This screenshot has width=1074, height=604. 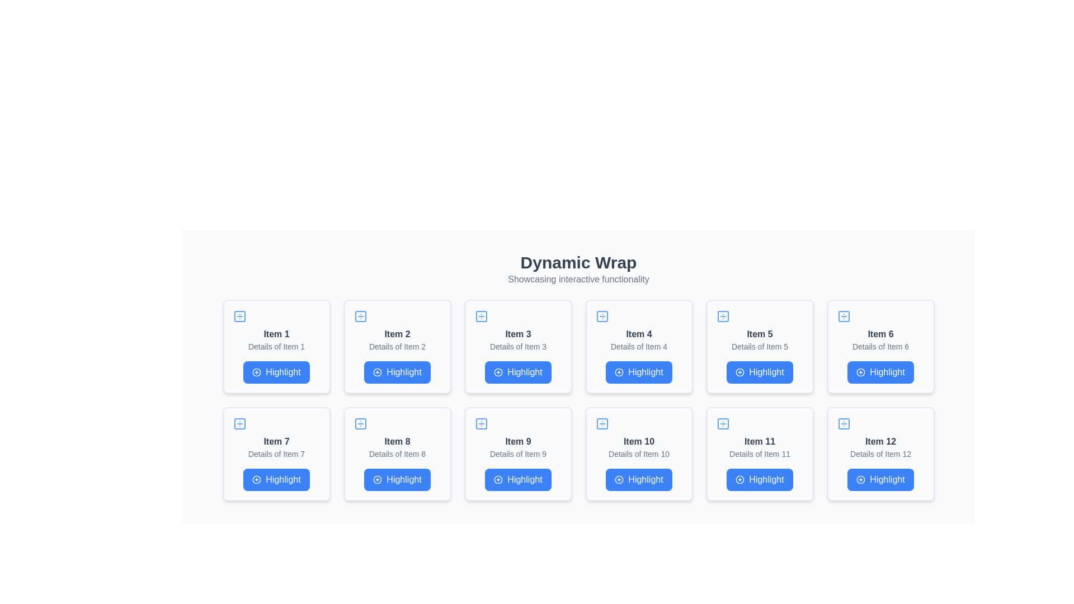 I want to click on the 'Highlight' button located at the bottom-center of the card labeled 'Item 5', so click(x=760, y=372).